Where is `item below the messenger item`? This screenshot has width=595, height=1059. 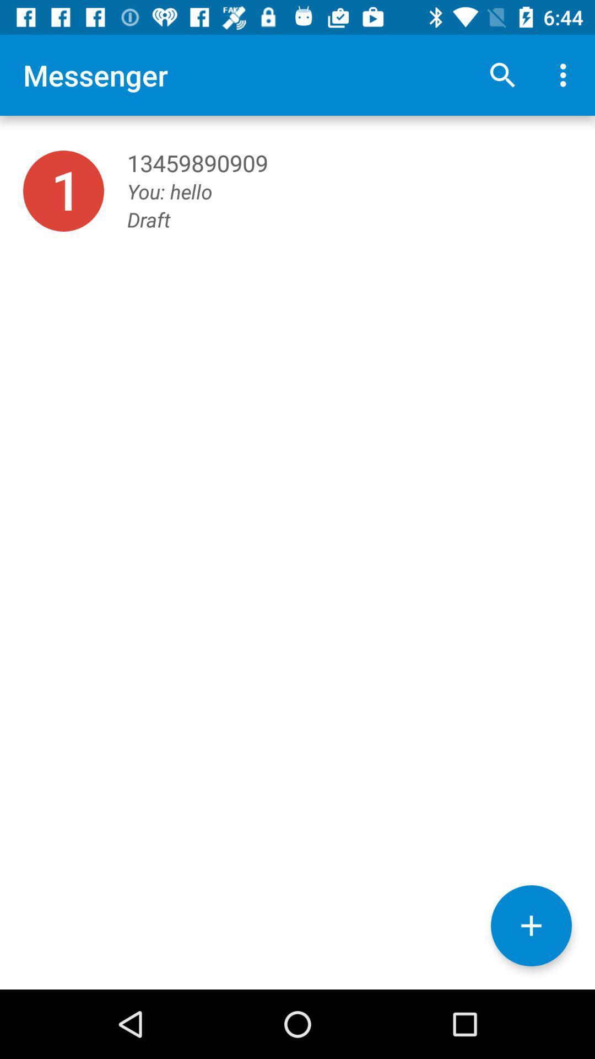 item below the messenger item is located at coordinates (63, 191).